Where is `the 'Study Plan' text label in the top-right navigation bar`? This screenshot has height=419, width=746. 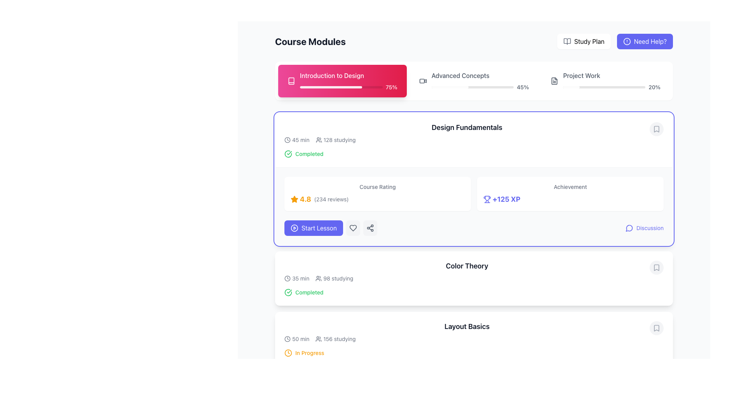
the 'Study Plan' text label in the top-right navigation bar is located at coordinates (589, 42).